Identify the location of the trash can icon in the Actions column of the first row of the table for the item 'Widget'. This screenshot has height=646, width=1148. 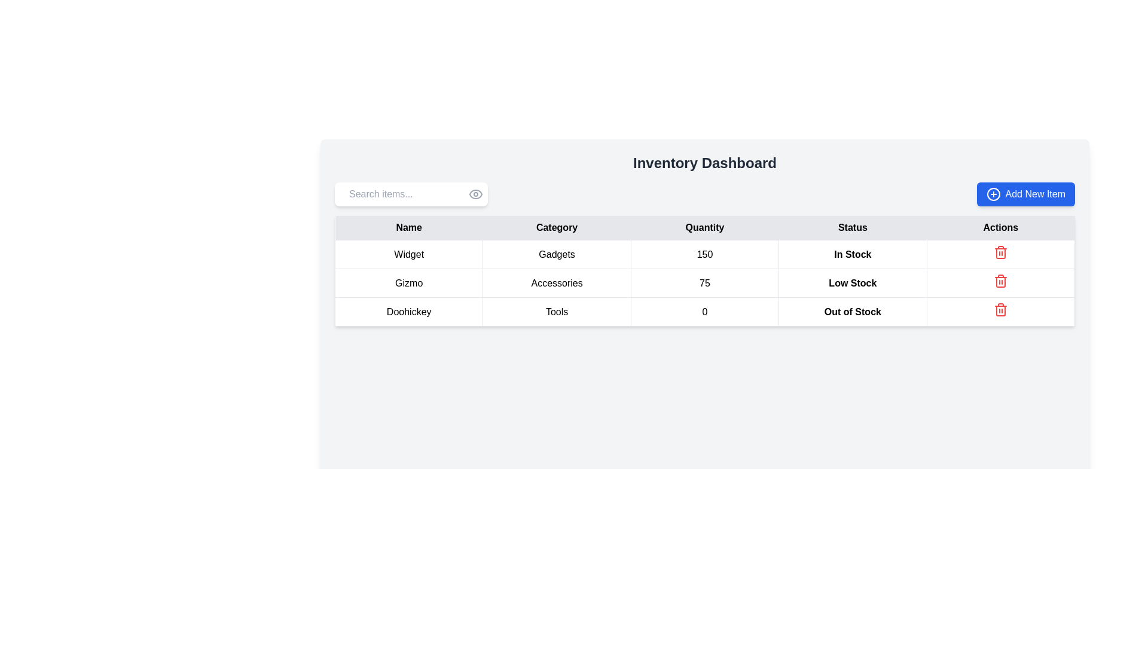
(1000, 254).